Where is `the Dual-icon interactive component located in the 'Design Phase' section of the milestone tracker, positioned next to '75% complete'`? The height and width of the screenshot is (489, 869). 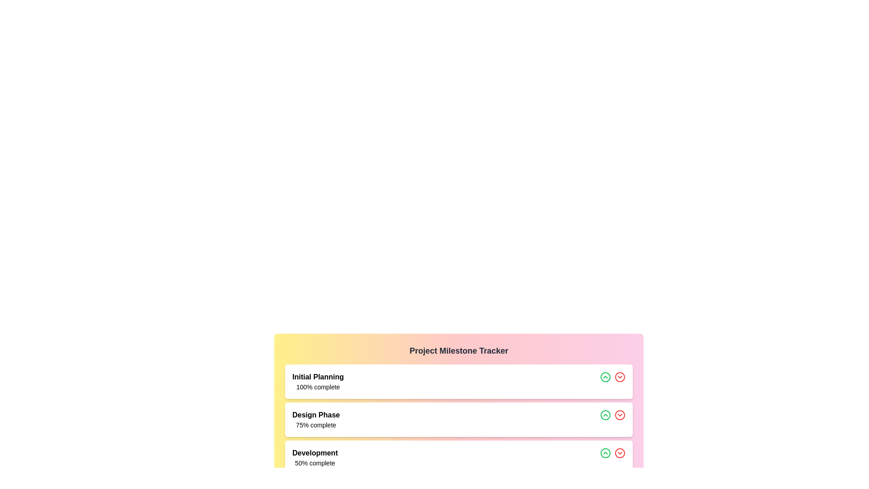 the Dual-icon interactive component located in the 'Design Phase' section of the milestone tracker, positioned next to '75% complete' is located at coordinates (612, 419).